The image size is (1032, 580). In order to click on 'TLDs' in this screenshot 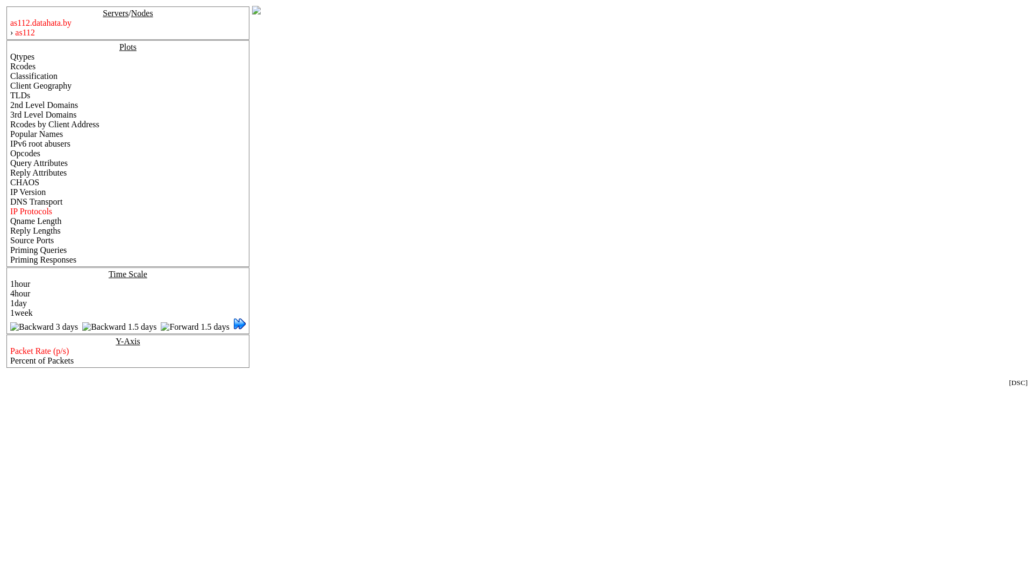, I will do `click(10, 95)`.